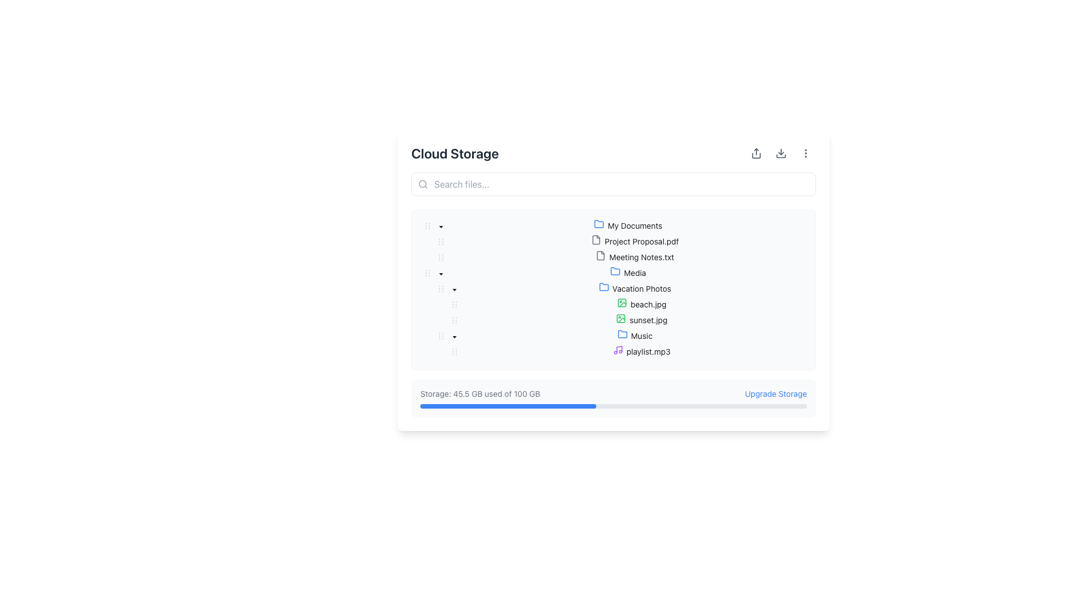  Describe the element at coordinates (622, 320) in the screenshot. I see `the green image icon representing the file 'sunset.jpg' located in the Vacation Photos folder` at that location.